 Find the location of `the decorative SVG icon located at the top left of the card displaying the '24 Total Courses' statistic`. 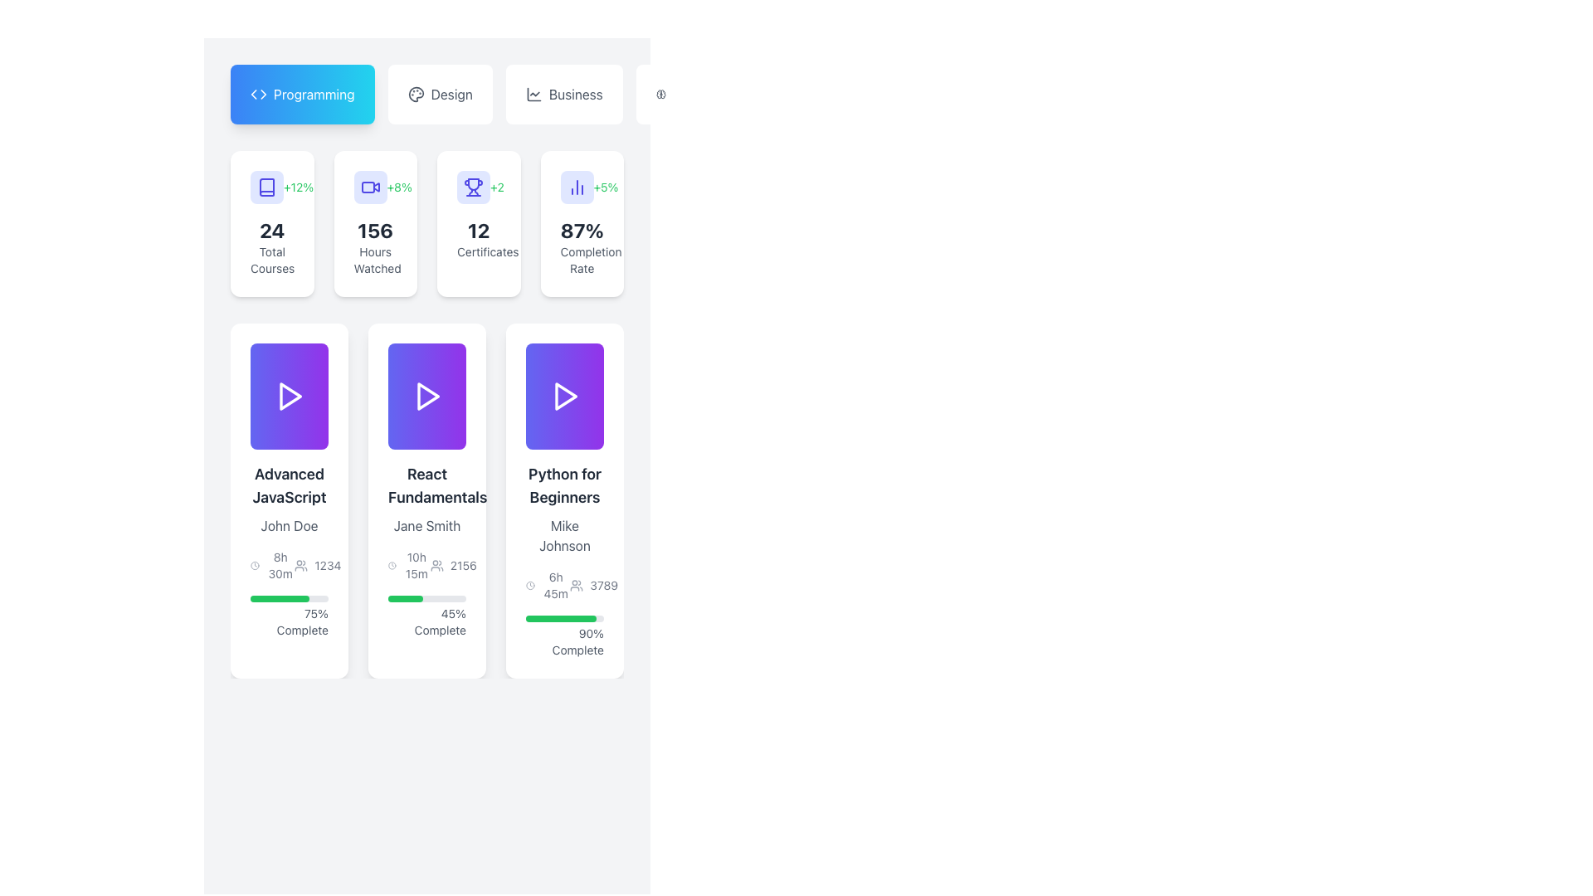

the decorative SVG icon located at the top left of the card displaying the '24 Total Courses' statistic is located at coordinates (266, 187).